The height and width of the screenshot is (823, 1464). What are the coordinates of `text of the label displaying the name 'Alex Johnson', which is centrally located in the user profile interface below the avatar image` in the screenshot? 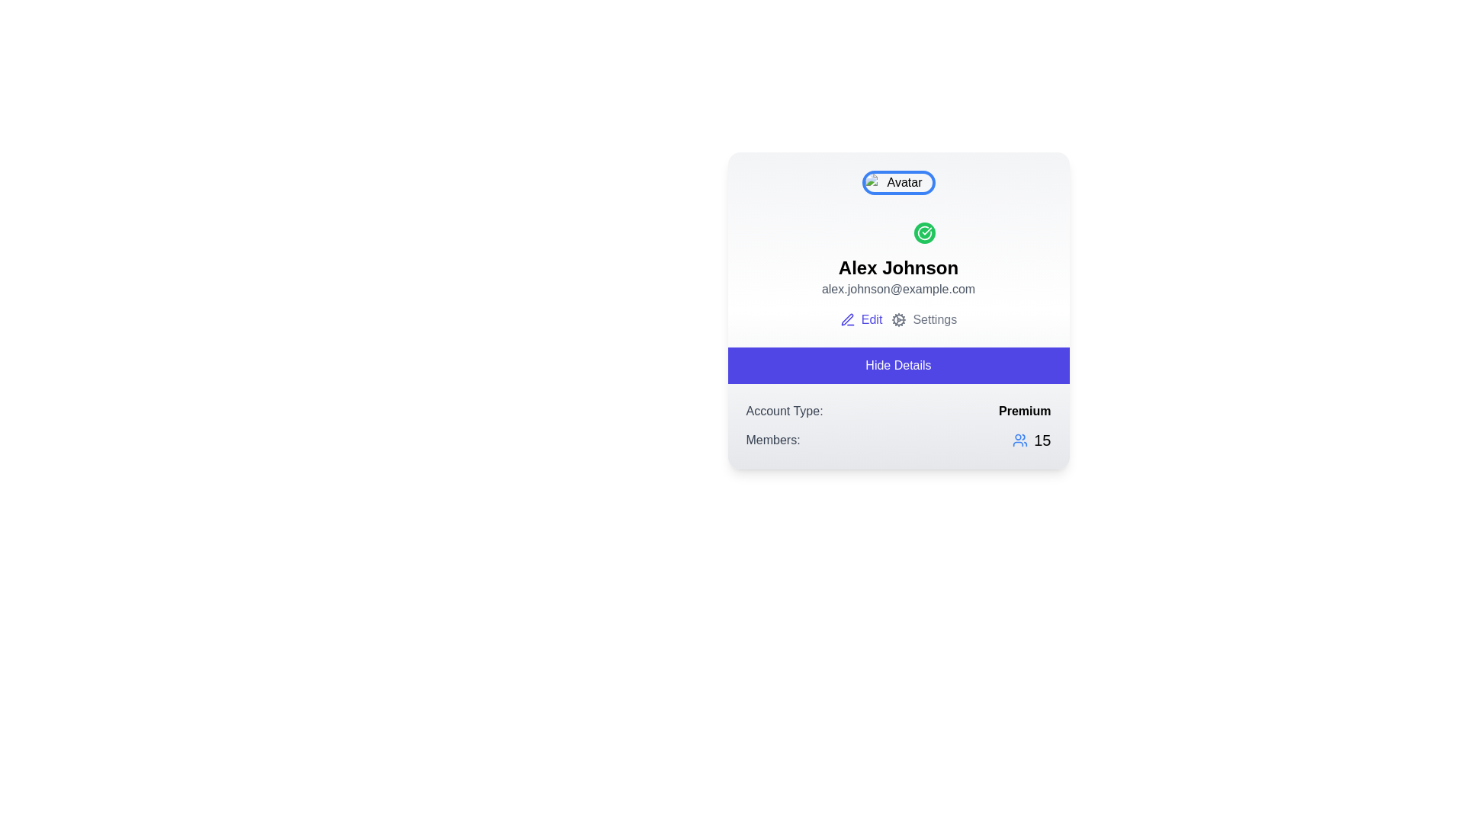 It's located at (898, 267).